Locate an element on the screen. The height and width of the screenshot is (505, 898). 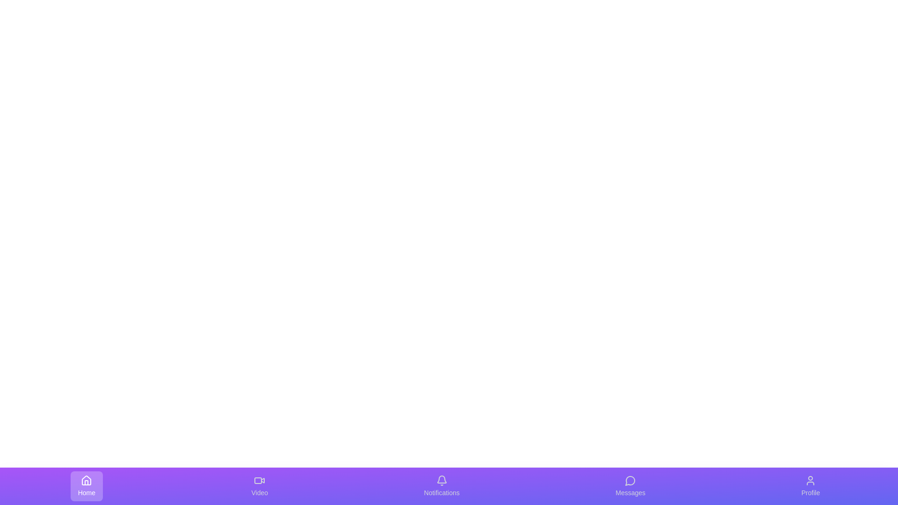
the Profile tab to navigate to its content is located at coordinates (810, 486).